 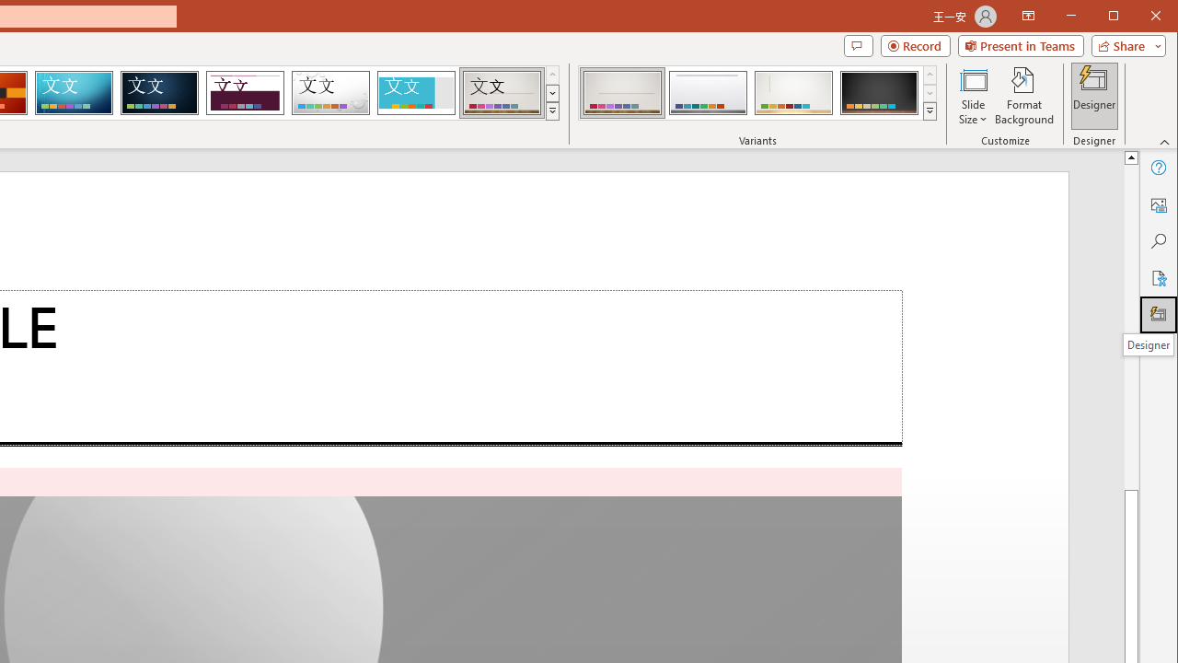 I want to click on 'Frame', so click(x=415, y=92).